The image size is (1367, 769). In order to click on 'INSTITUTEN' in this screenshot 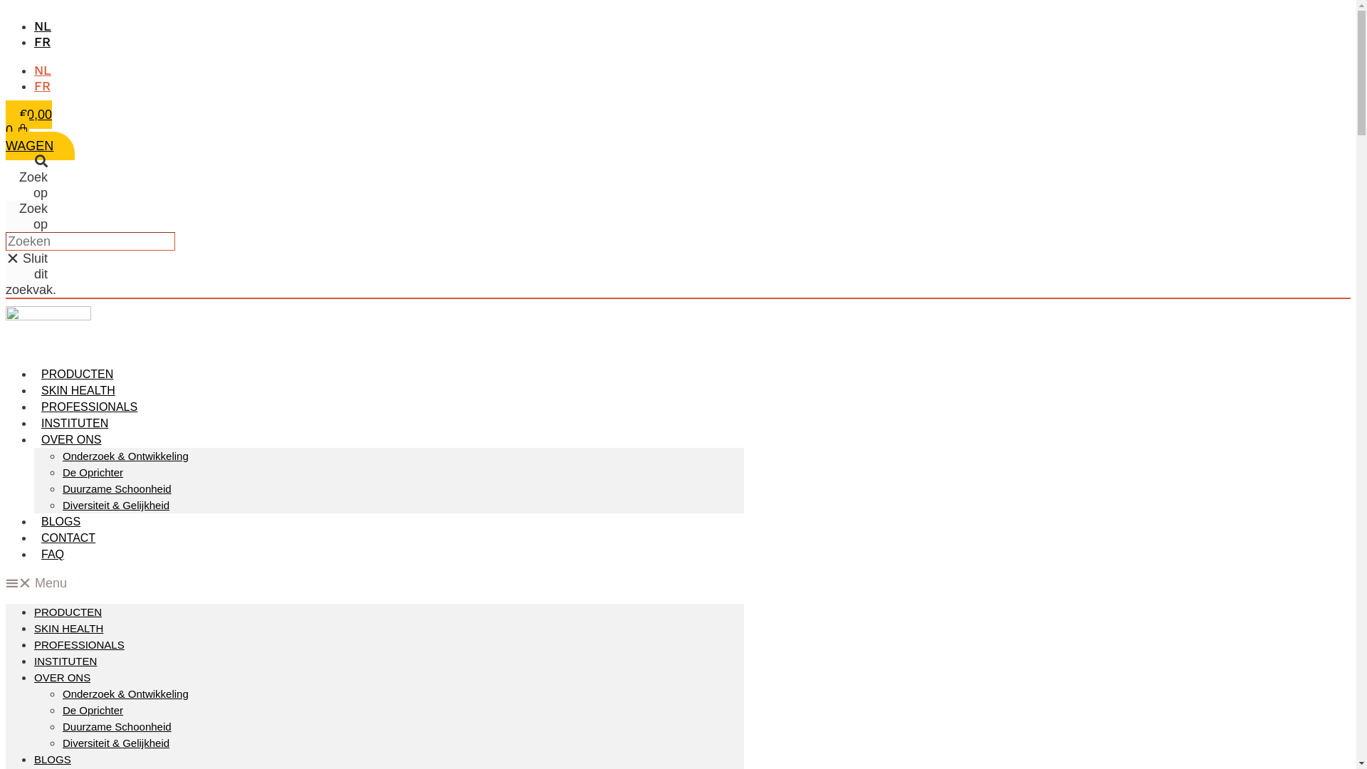, I will do `click(74, 422)`.